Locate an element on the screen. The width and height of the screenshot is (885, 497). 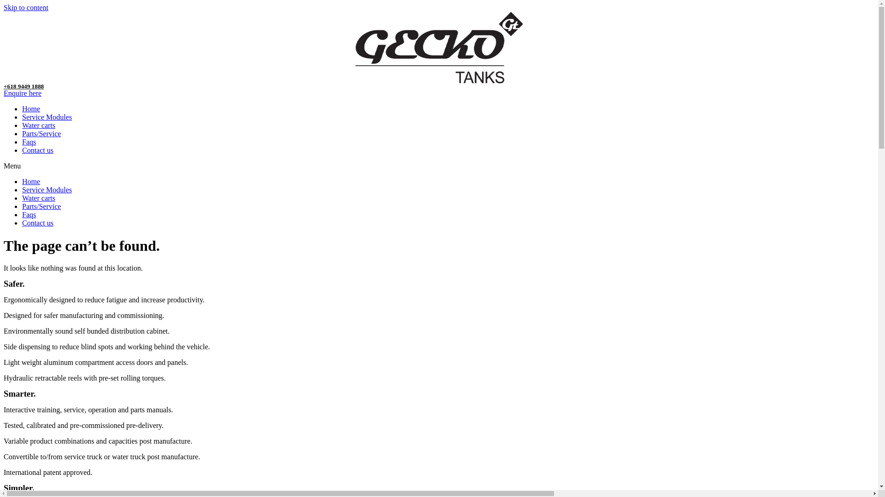
'+618 9449 1888' is located at coordinates (24, 86).